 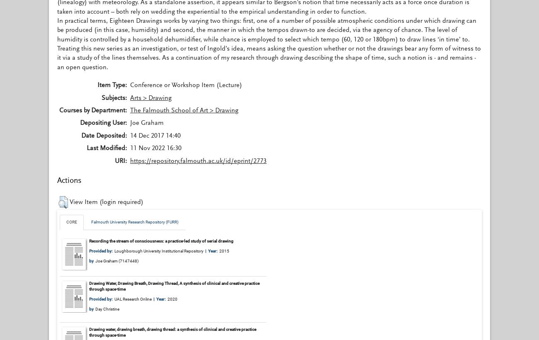 I want to click on 'https://repository.falmouth.ac.uk/id/eprint/2773', so click(x=198, y=161).